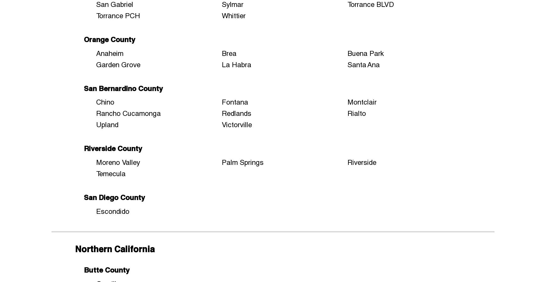 This screenshot has height=282, width=546. Describe the element at coordinates (109, 52) in the screenshot. I see `'Anaheim'` at that location.